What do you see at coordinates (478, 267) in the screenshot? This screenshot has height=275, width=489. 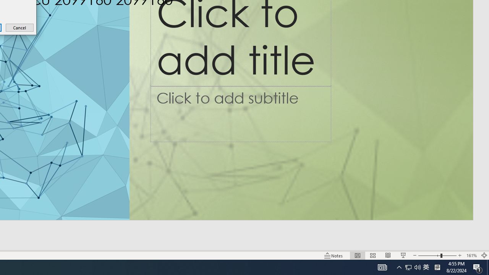 I see `'Action Center, 1 new notification'` at bounding box center [478, 267].